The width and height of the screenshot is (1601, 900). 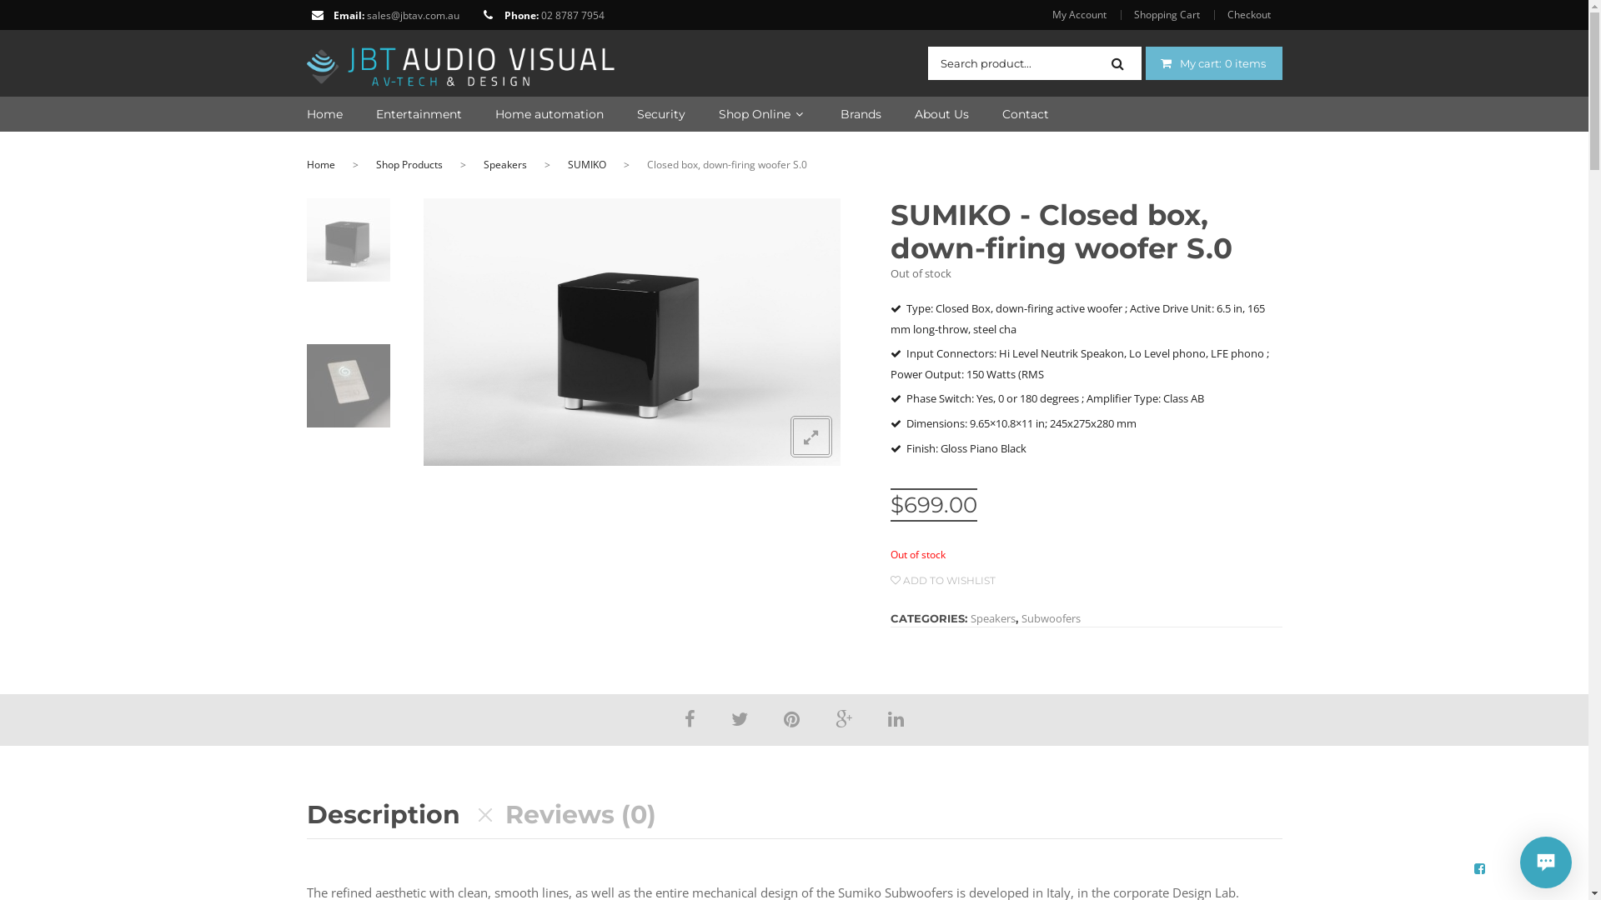 What do you see at coordinates (460, 60) in the screenshot?
I see `'JBT Audio Visual'` at bounding box center [460, 60].